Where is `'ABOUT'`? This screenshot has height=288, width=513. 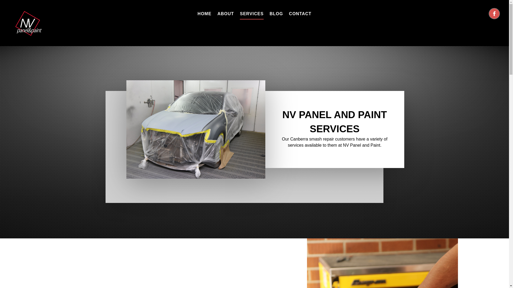
'ABOUT' is located at coordinates (226, 13).